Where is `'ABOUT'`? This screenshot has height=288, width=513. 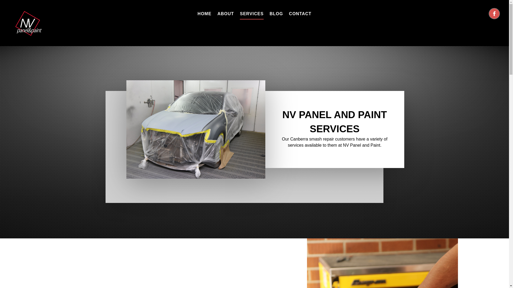
'ABOUT' is located at coordinates (226, 13).